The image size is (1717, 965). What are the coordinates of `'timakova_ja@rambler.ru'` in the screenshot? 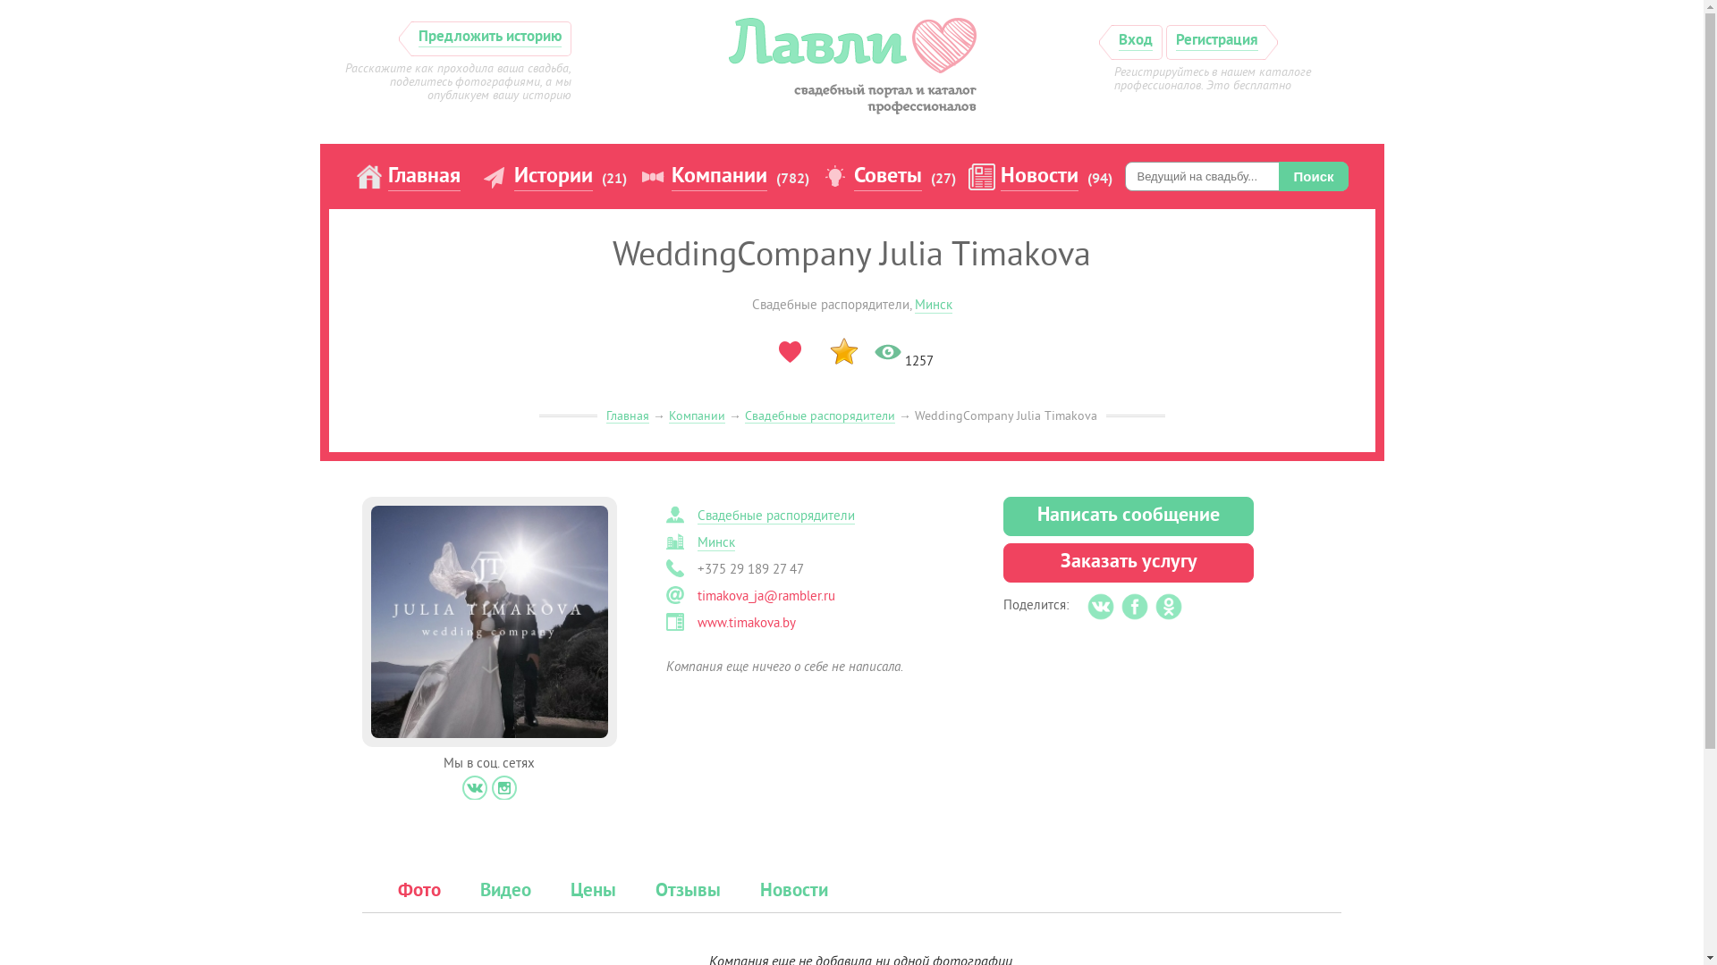 It's located at (766, 596).